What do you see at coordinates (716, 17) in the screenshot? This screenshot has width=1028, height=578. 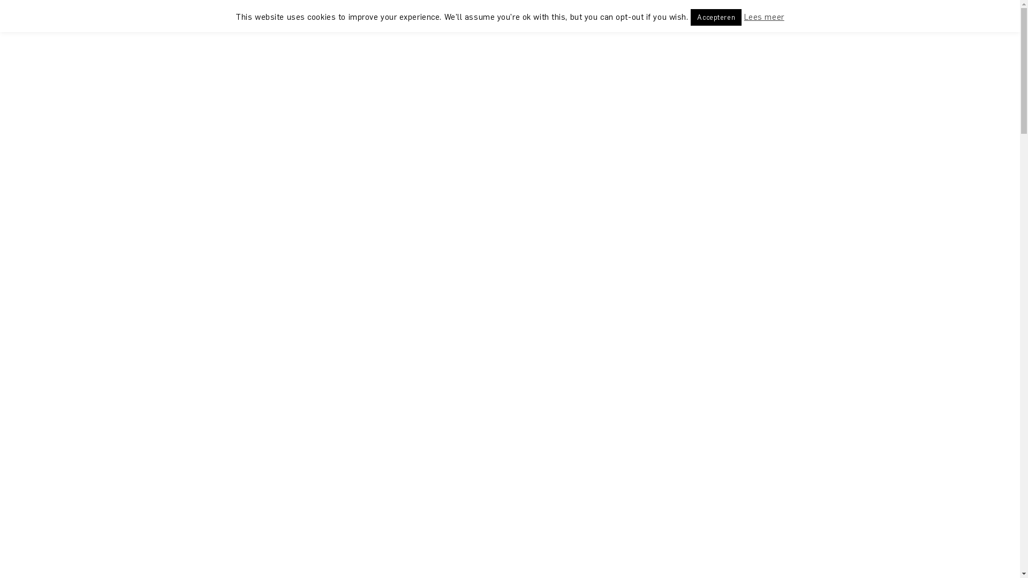 I see `'Accepteren'` at bounding box center [716, 17].